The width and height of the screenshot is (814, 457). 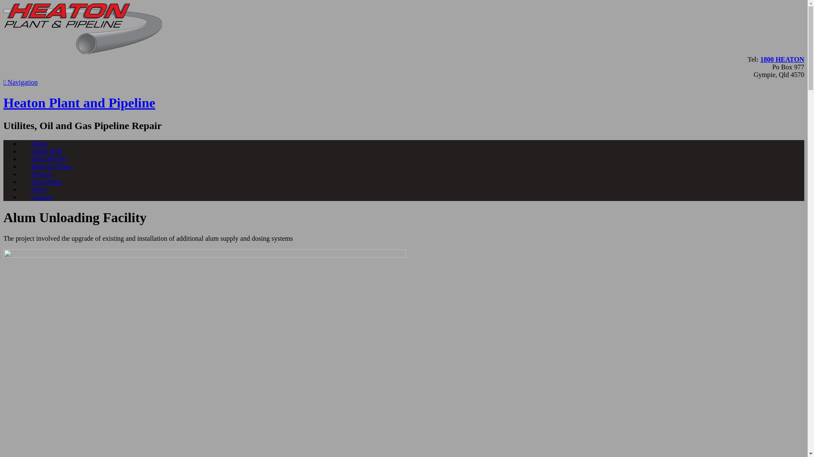 I want to click on 'News', so click(x=38, y=189).